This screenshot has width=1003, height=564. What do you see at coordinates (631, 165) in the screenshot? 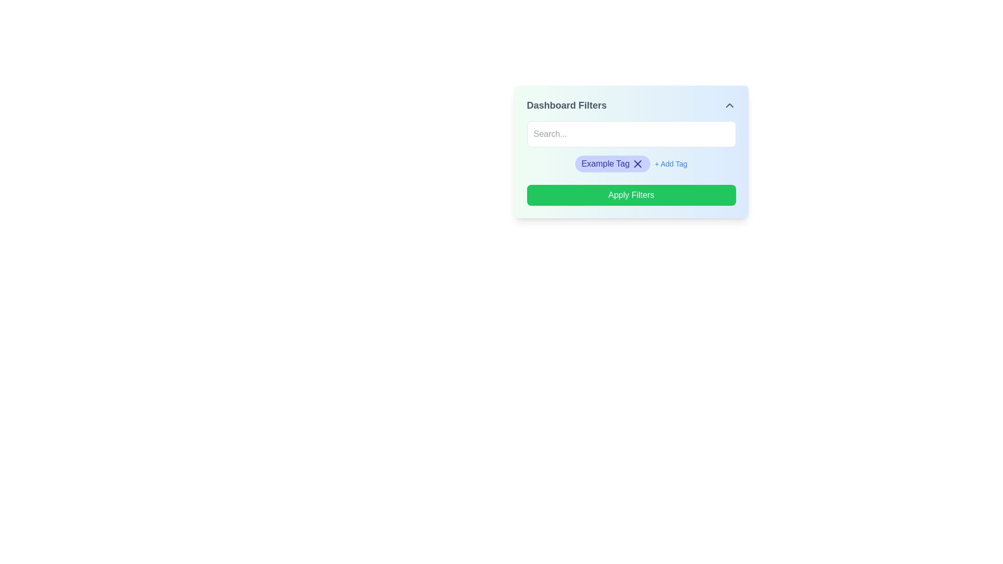
I see `the Example Tag in the Tag Management Interface` at bounding box center [631, 165].